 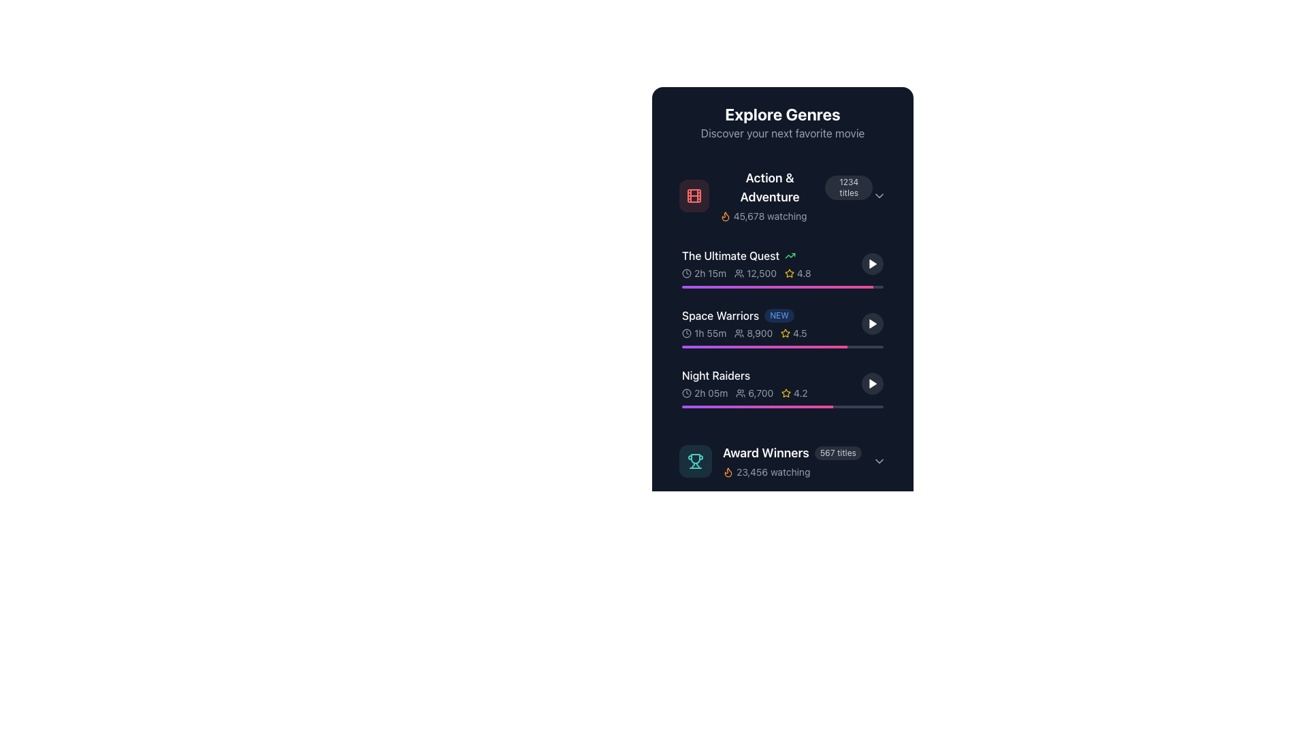 I want to click on text value '4.5' from the small text label element styled in light gray font, located next to the yellow star icon in the third row under the 'Space Warriors' label, so click(x=794, y=333).